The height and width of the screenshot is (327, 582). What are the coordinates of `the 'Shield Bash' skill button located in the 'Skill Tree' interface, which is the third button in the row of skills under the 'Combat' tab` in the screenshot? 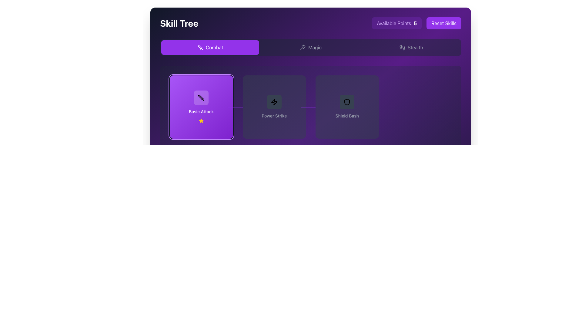 It's located at (347, 107).